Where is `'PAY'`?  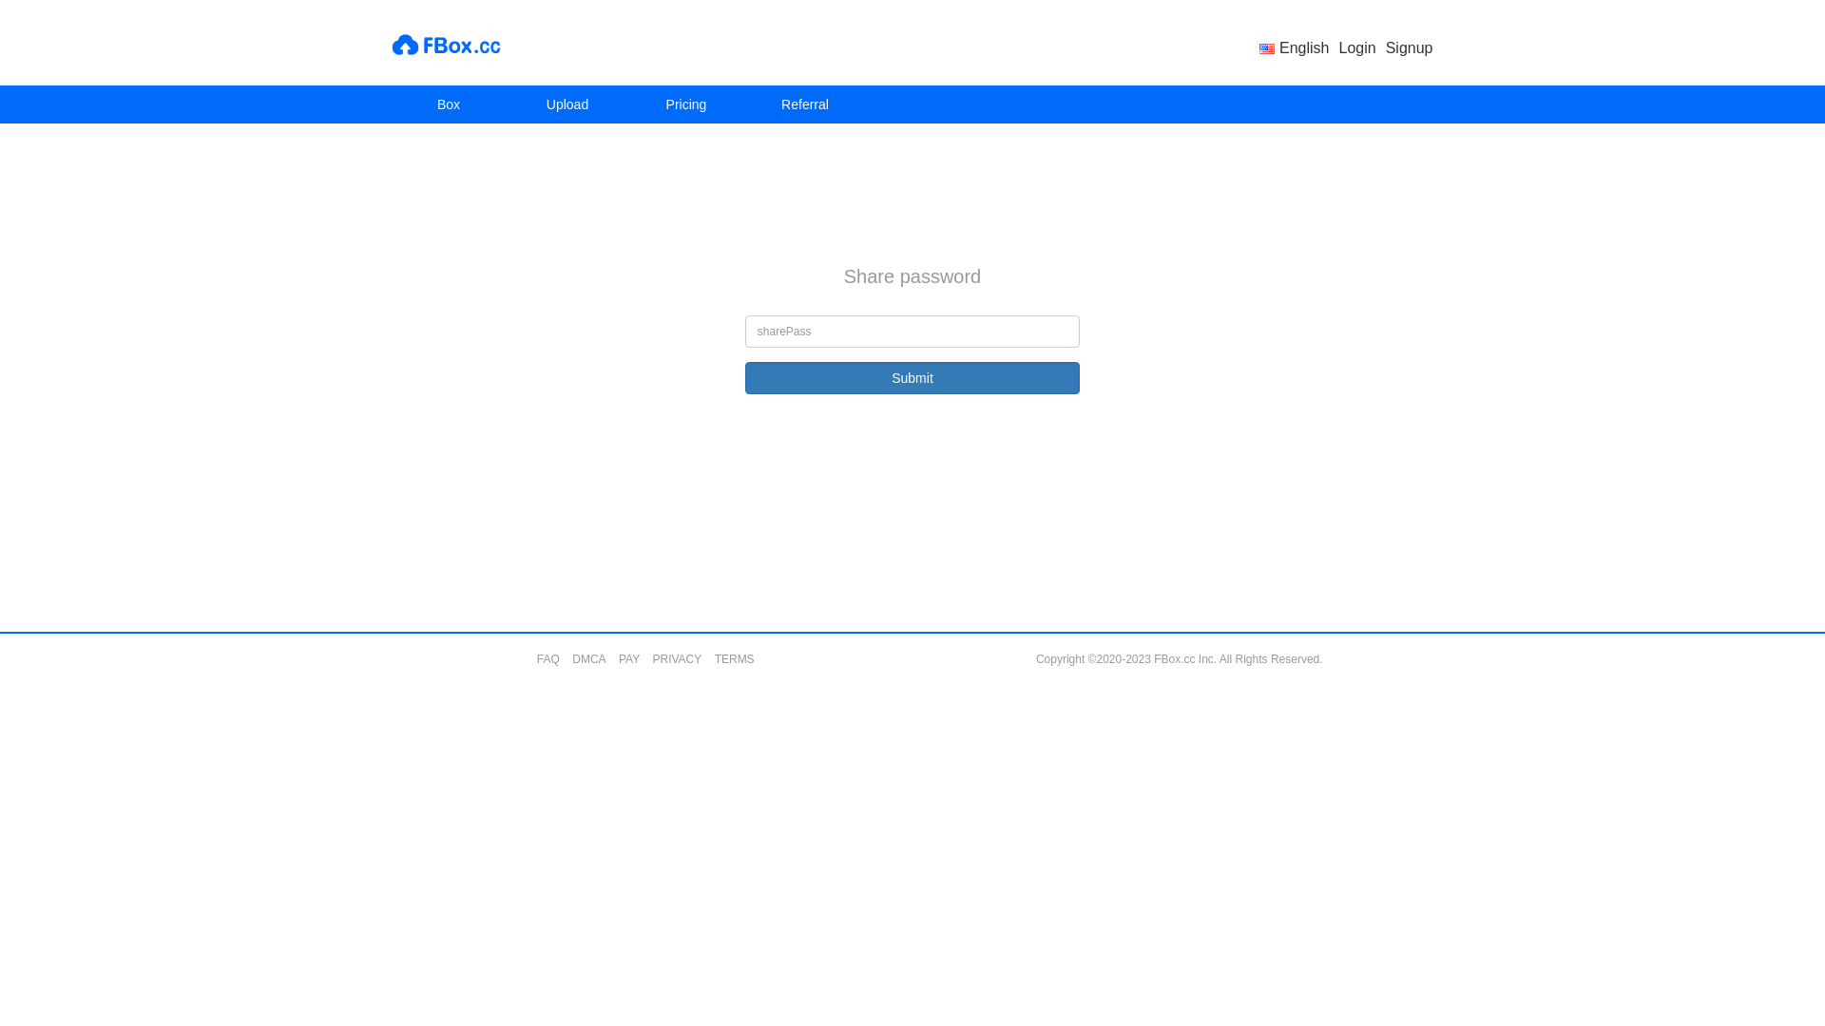
'PAY' is located at coordinates (629, 658).